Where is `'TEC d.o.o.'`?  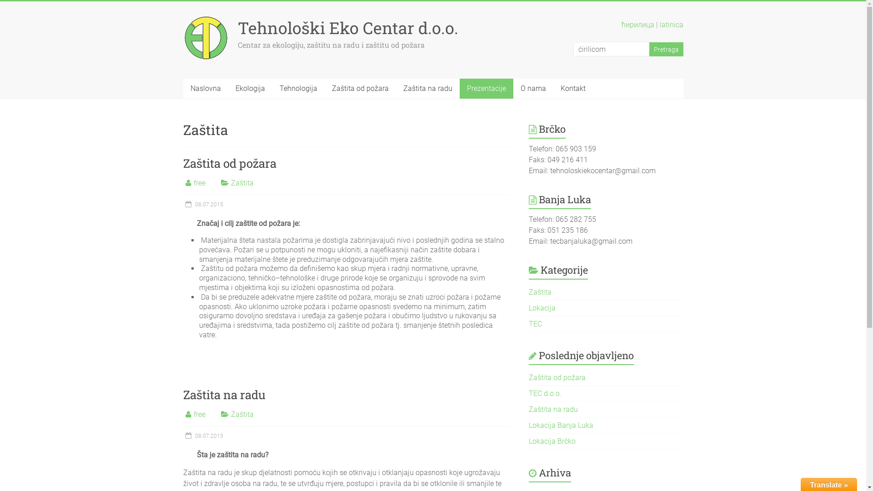 'TEC d.o.o.' is located at coordinates (545, 393).